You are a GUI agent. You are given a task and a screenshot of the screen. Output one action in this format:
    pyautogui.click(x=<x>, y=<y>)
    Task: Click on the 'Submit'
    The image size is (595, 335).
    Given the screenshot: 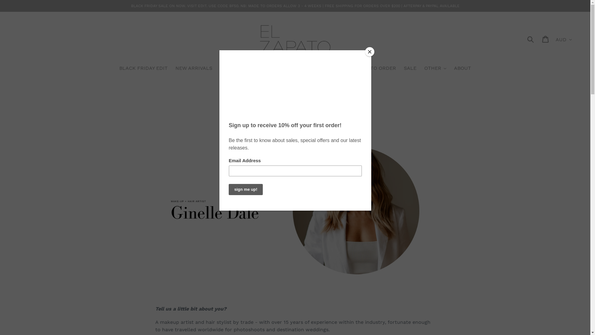 What is the action you would take?
    pyautogui.click(x=531, y=39)
    